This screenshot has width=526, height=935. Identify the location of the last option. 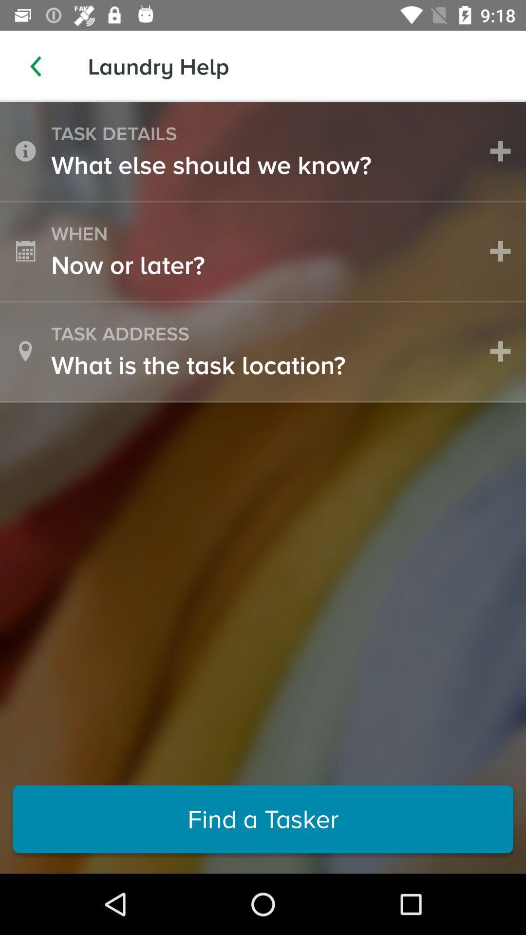
(263, 819).